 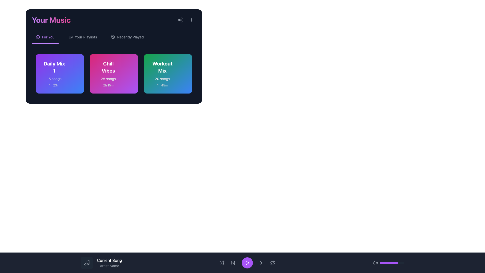 What do you see at coordinates (54, 67) in the screenshot?
I see `text content of the Text Label that serves as the title for the playlist 'Daily Mix 1', located at the top-left corner of the card` at bounding box center [54, 67].